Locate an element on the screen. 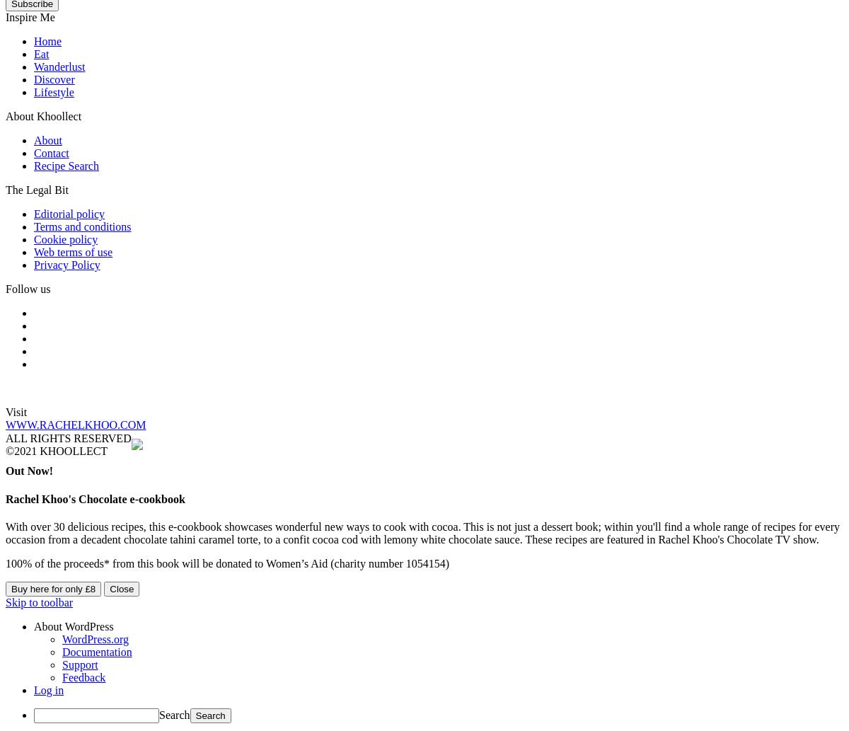 The image size is (849, 731). 'Close' is located at coordinates (120, 588).